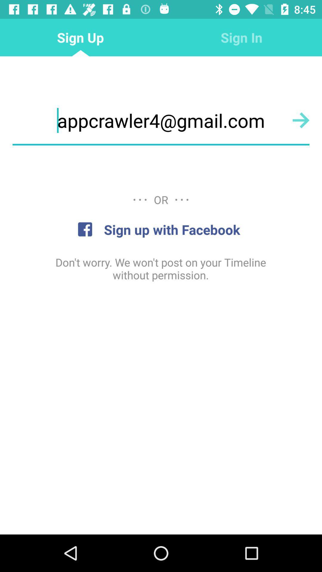  Describe the element at coordinates (241, 37) in the screenshot. I see `icon above appcrawler4@gmail.com item` at that location.